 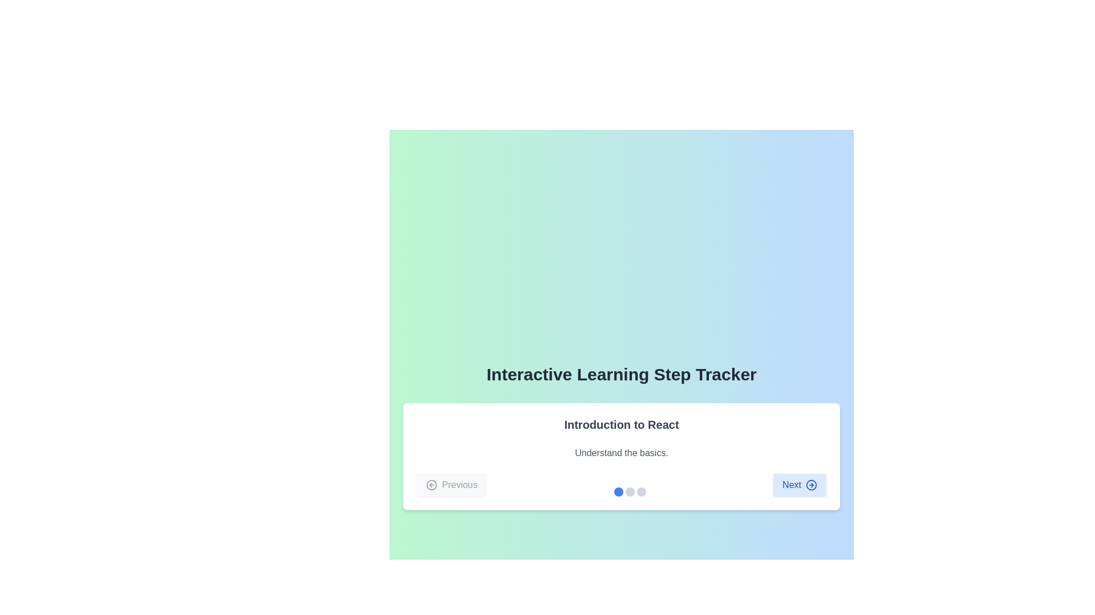 What do you see at coordinates (620, 485) in the screenshot?
I see `the circular indicator in the navigation bar located at the bottom of the 'Introduction to React' section to jump to a specific step` at bounding box center [620, 485].